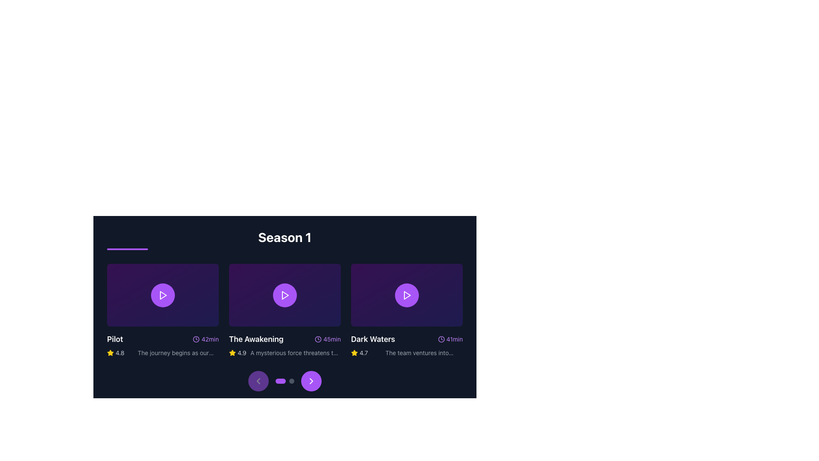 The height and width of the screenshot is (461, 819). Describe the element at coordinates (285, 381) in the screenshot. I see `the grouping of indicators or toggles located at the bottom center of the interface to view the status indicated by the circles` at that location.